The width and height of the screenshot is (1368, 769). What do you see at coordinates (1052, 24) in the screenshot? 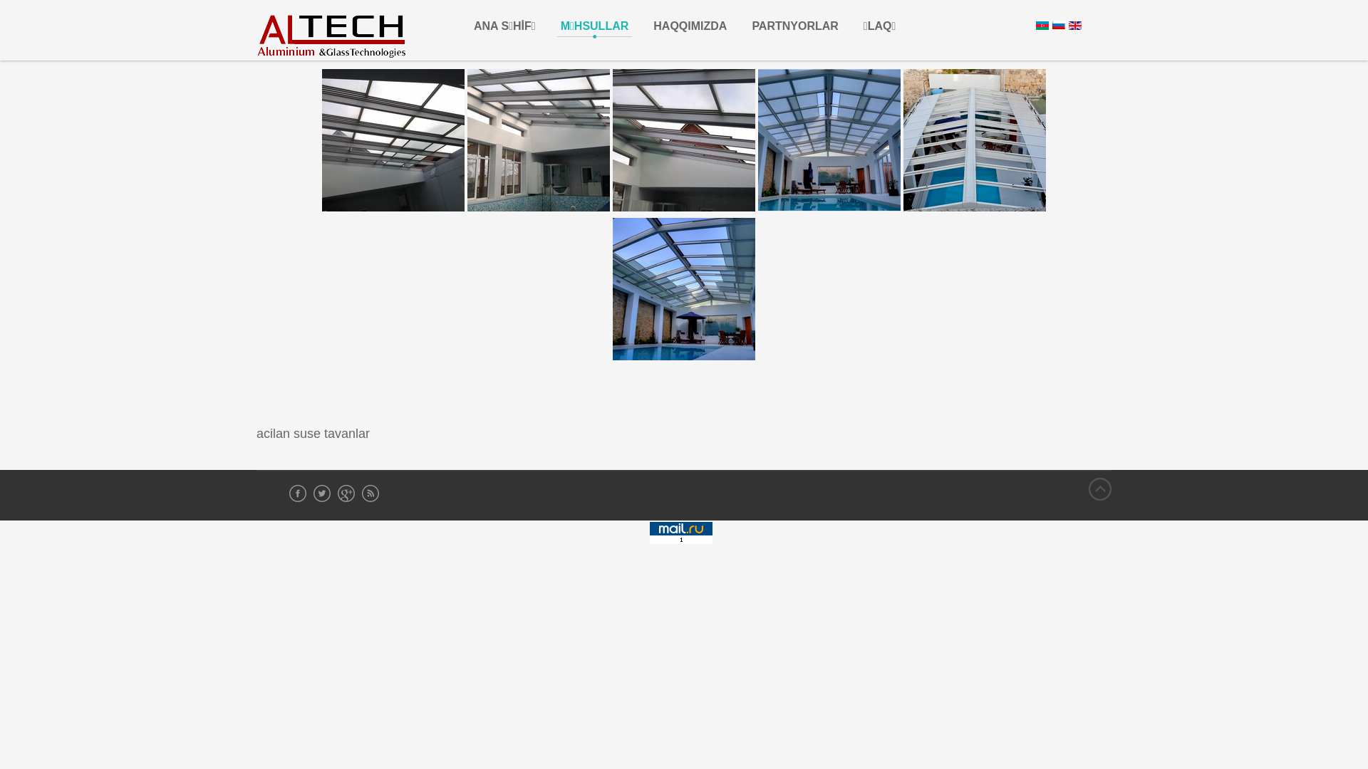
I see `'Russian'` at bounding box center [1052, 24].